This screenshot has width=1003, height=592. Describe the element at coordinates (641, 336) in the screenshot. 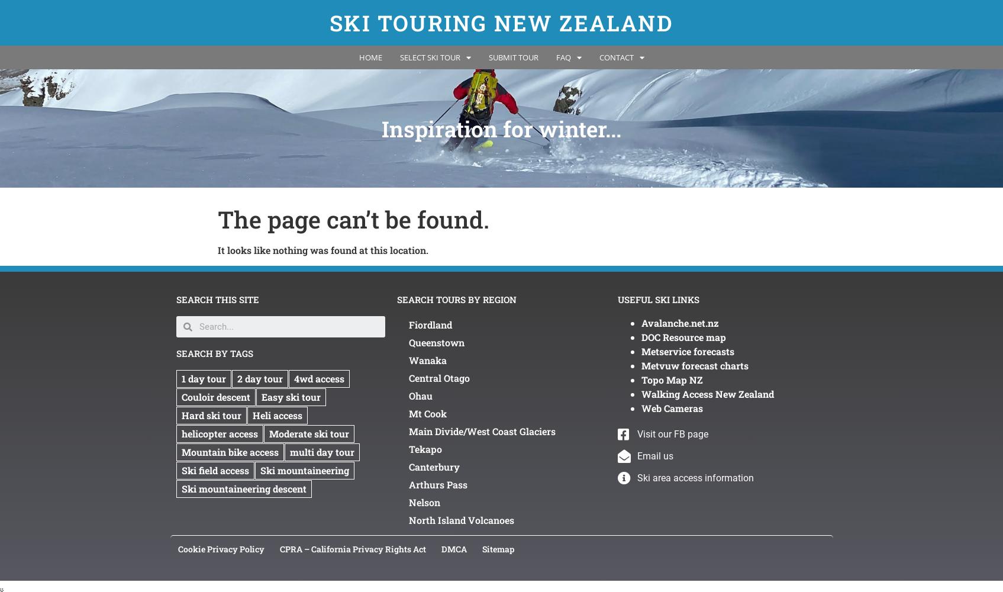

I see `'DOC Resource map'` at that location.